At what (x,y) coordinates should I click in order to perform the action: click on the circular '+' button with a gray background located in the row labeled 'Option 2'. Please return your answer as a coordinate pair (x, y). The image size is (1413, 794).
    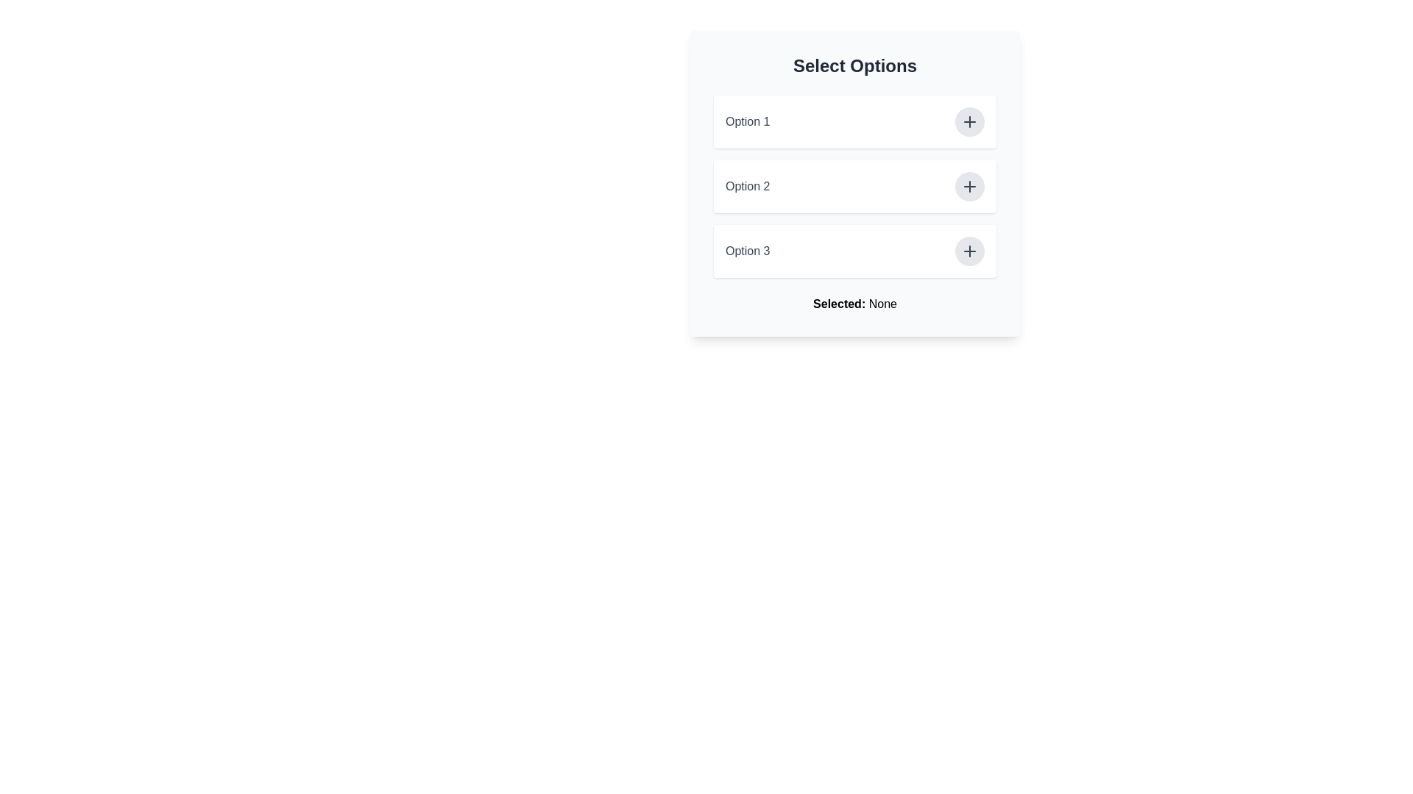
    Looking at the image, I should click on (970, 186).